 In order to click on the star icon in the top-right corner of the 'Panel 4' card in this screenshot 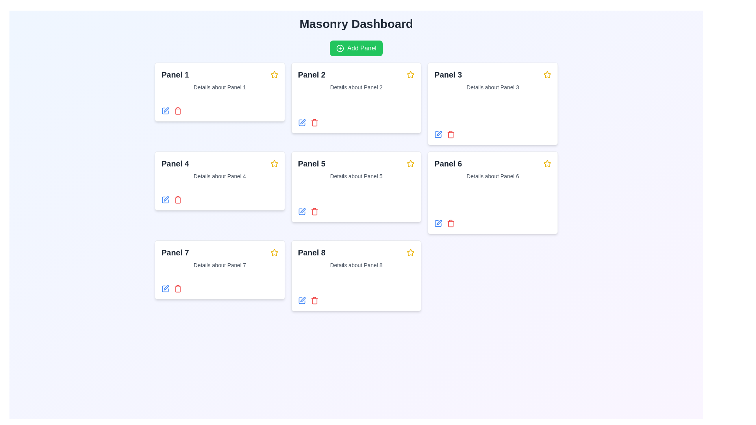, I will do `click(274, 74)`.